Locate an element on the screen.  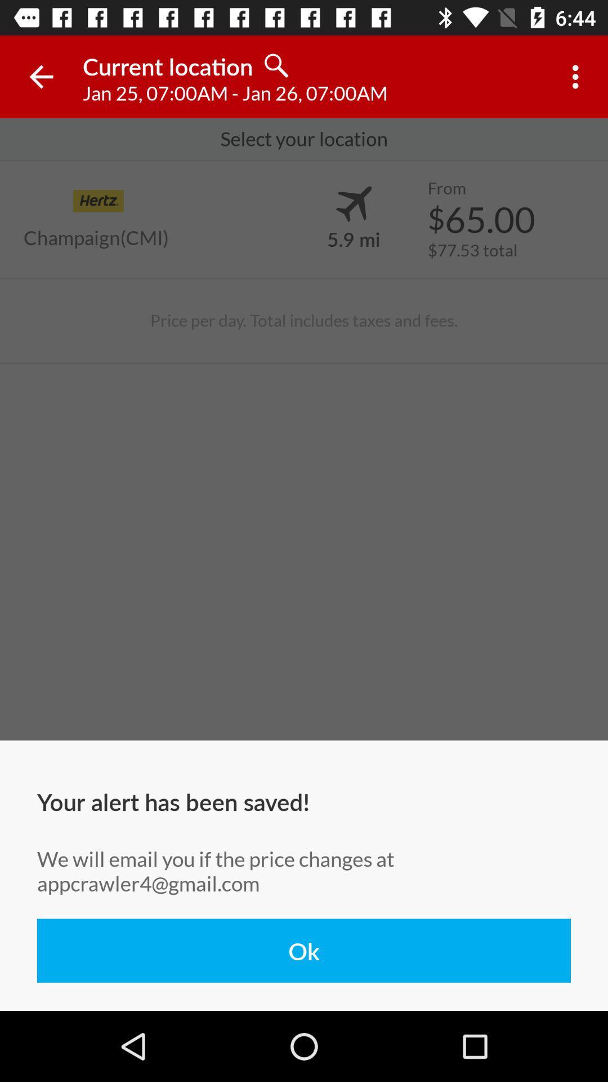
the item next to the current location is located at coordinates (41, 76).